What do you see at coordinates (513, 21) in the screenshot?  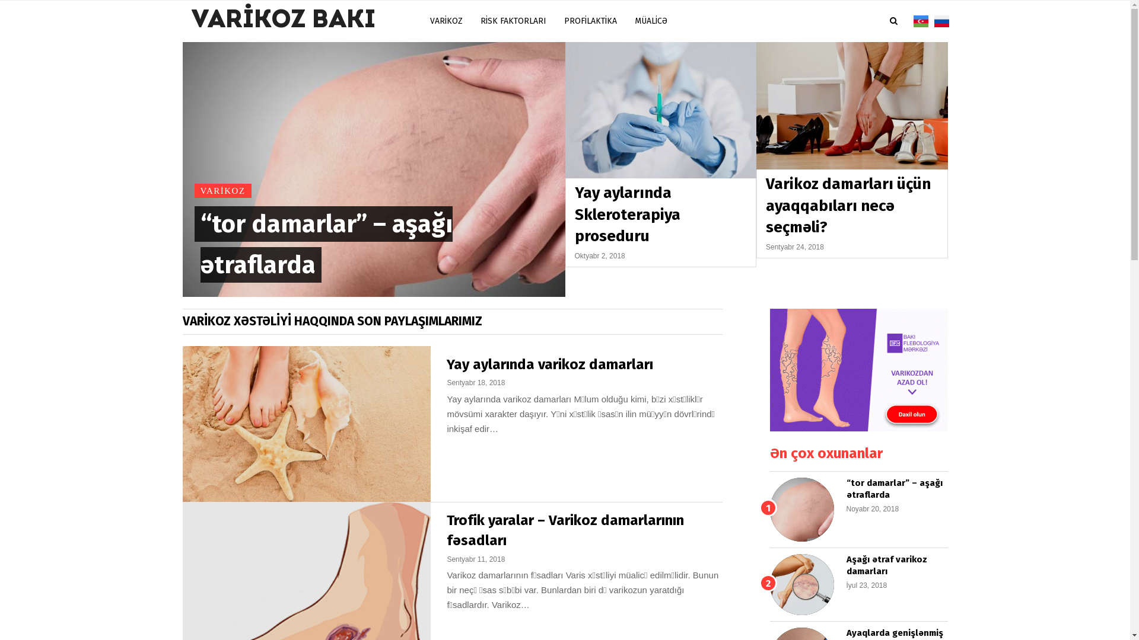 I see `'RISK FAKTORLARI'` at bounding box center [513, 21].